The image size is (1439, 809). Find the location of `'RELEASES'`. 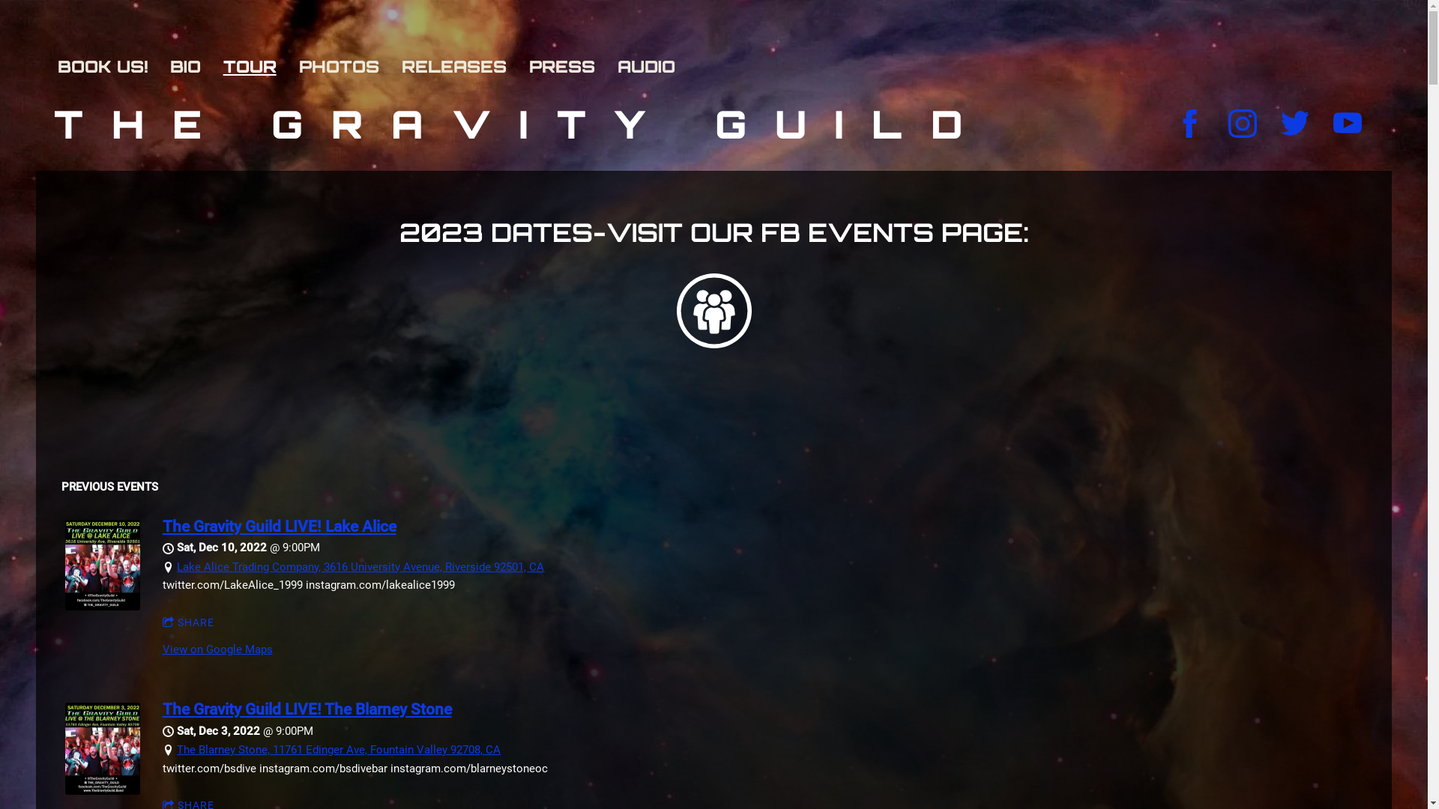

'RELEASES' is located at coordinates (460, 65).